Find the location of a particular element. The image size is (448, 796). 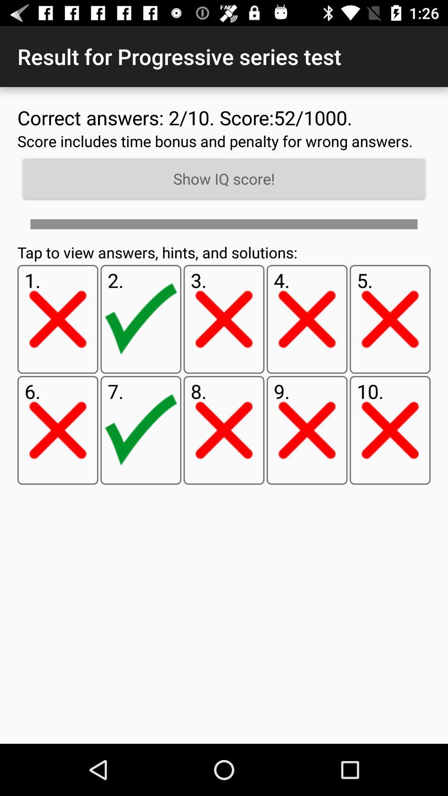

show iq score! icon is located at coordinates (224, 178).